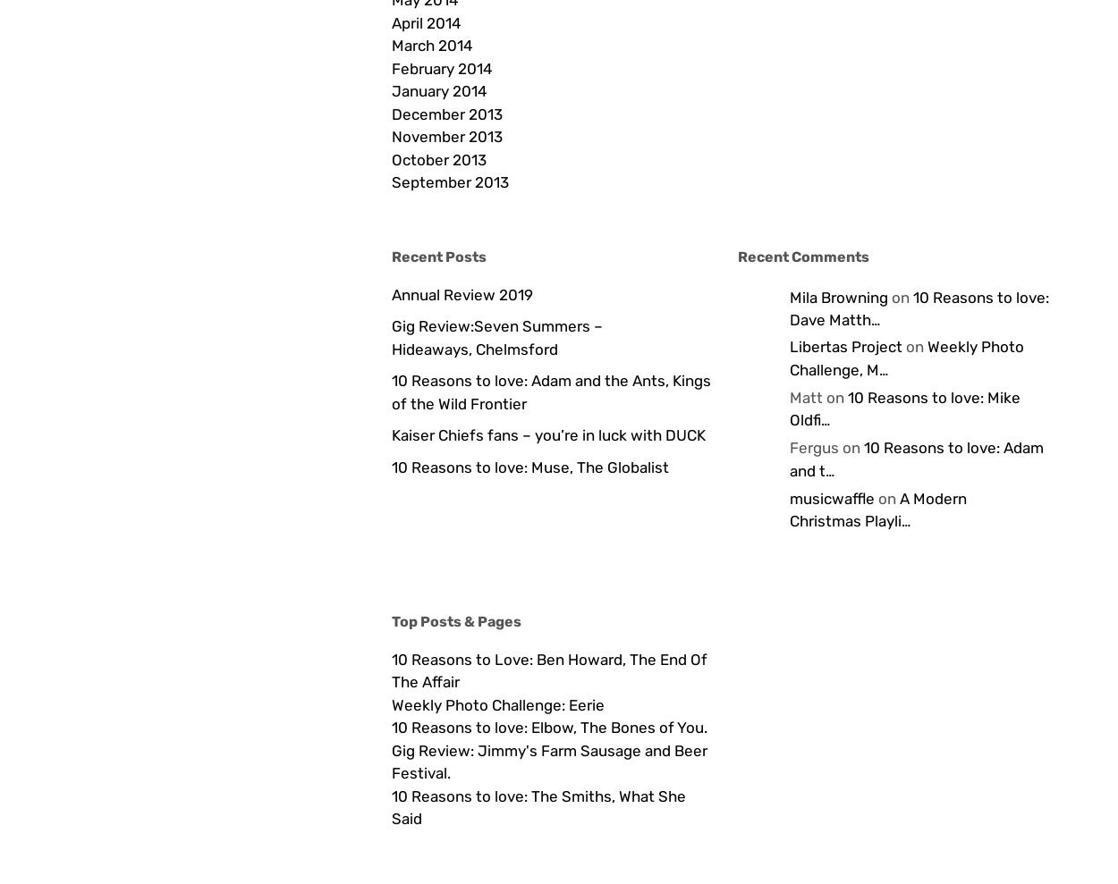  What do you see at coordinates (838, 296) in the screenshot?
I see `'Mila Browning'` at bounding box center [838, 296].